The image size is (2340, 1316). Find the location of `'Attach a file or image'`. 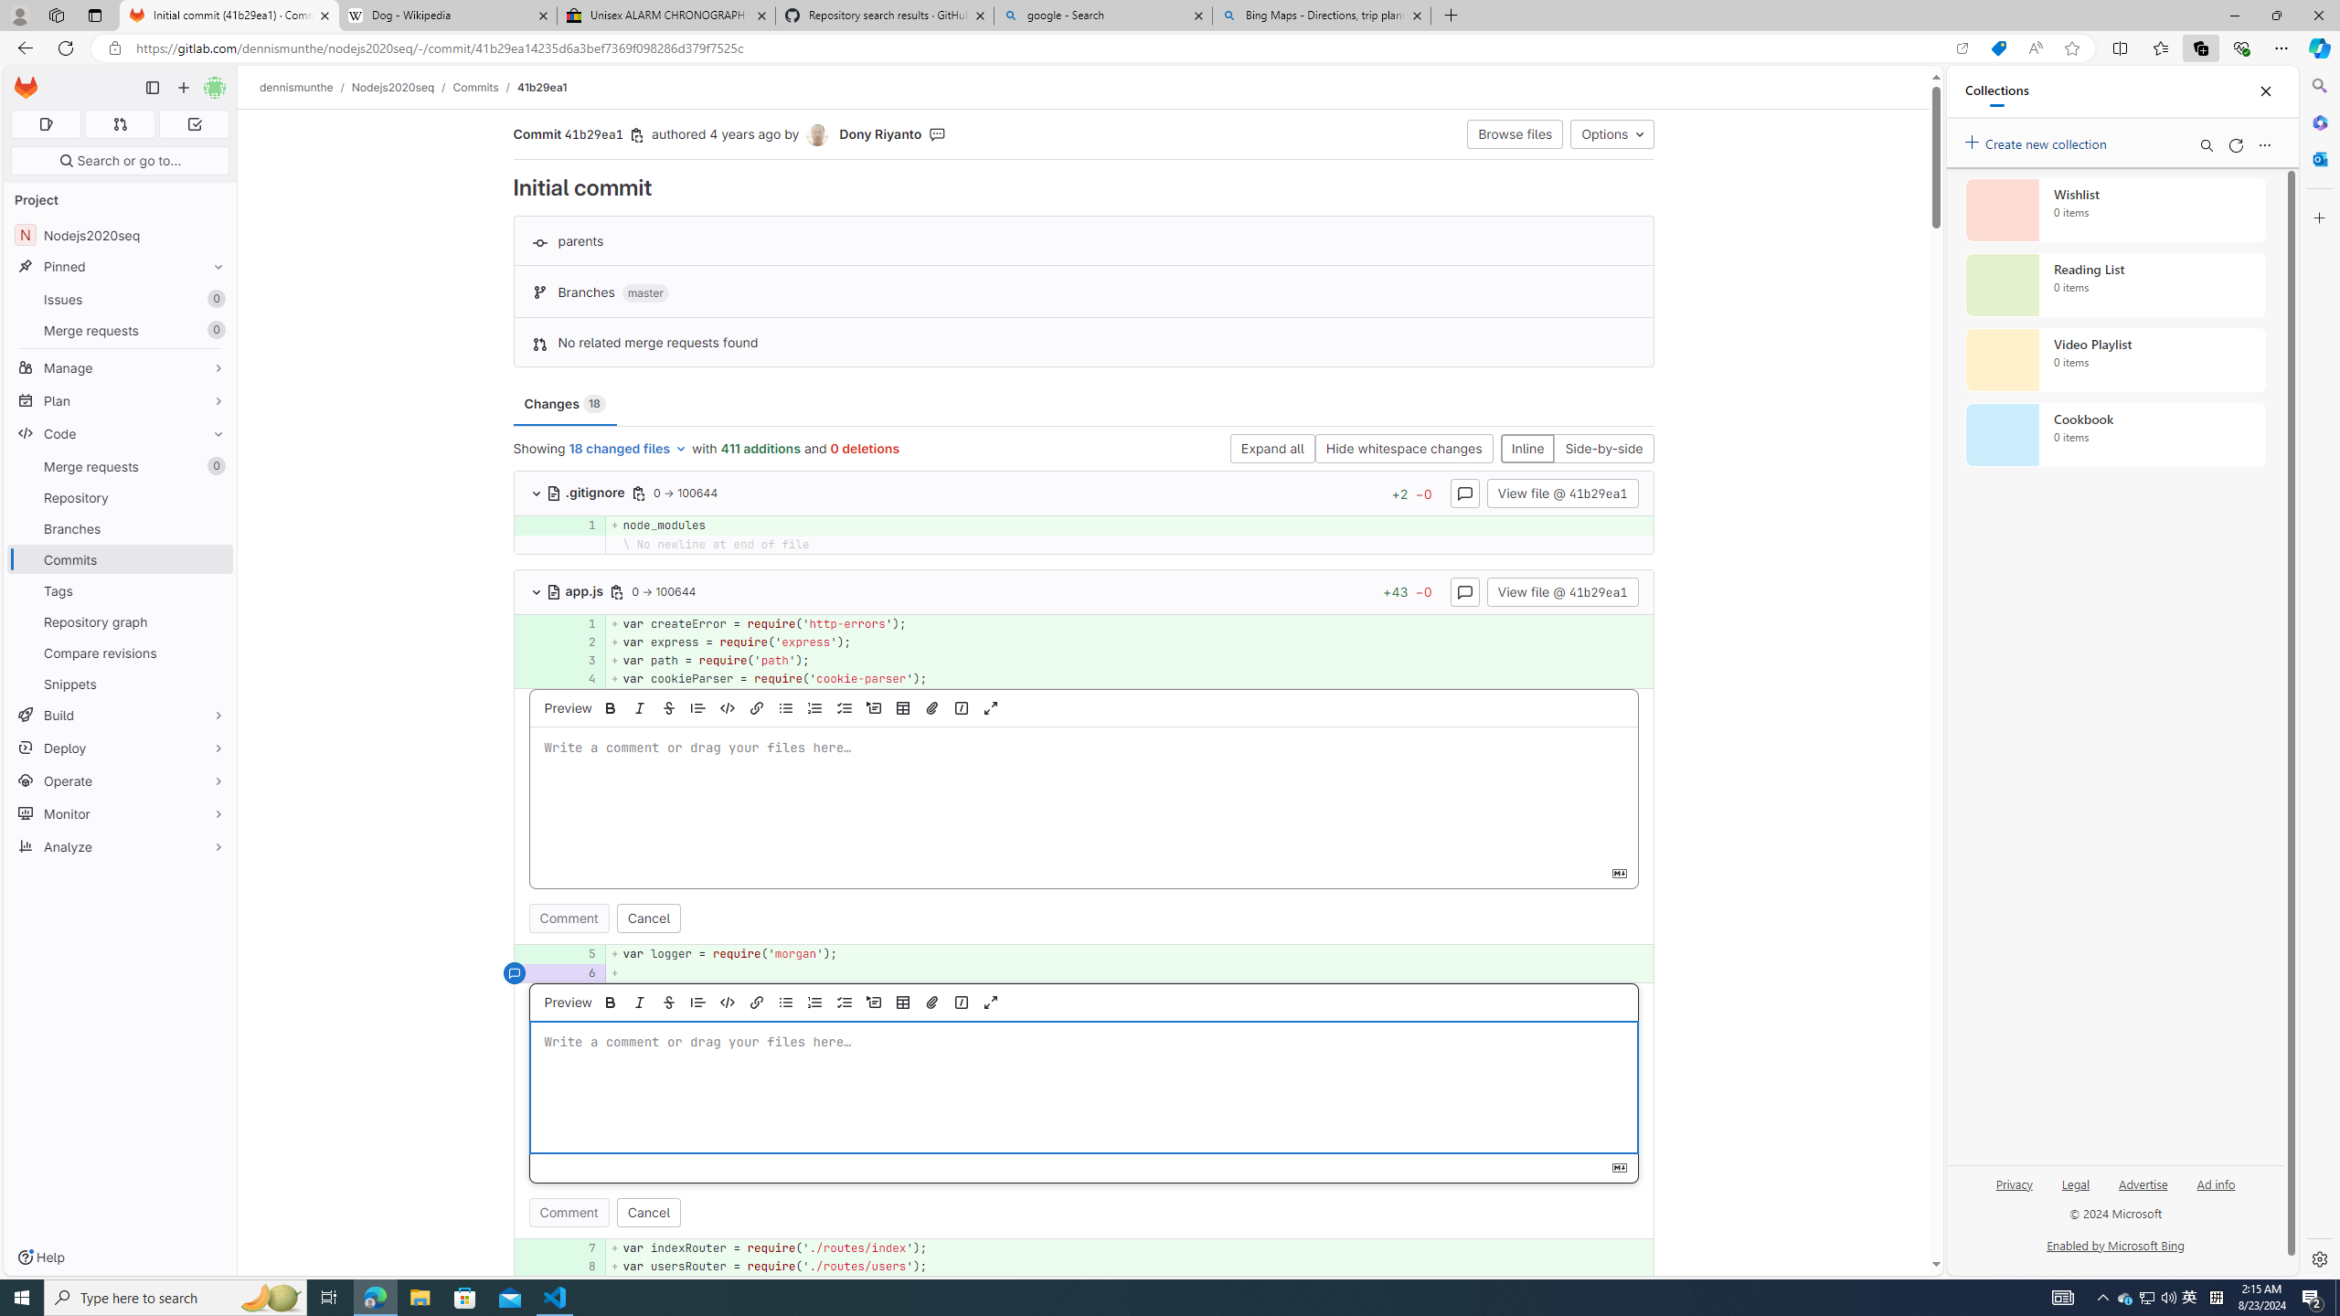

'Attach a file or image' is located at coordinates (931, 1001).